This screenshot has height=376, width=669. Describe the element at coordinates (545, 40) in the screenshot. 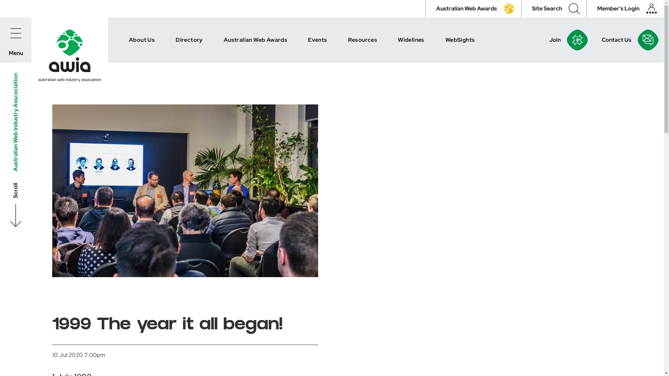

I see `'Join'` at that location.